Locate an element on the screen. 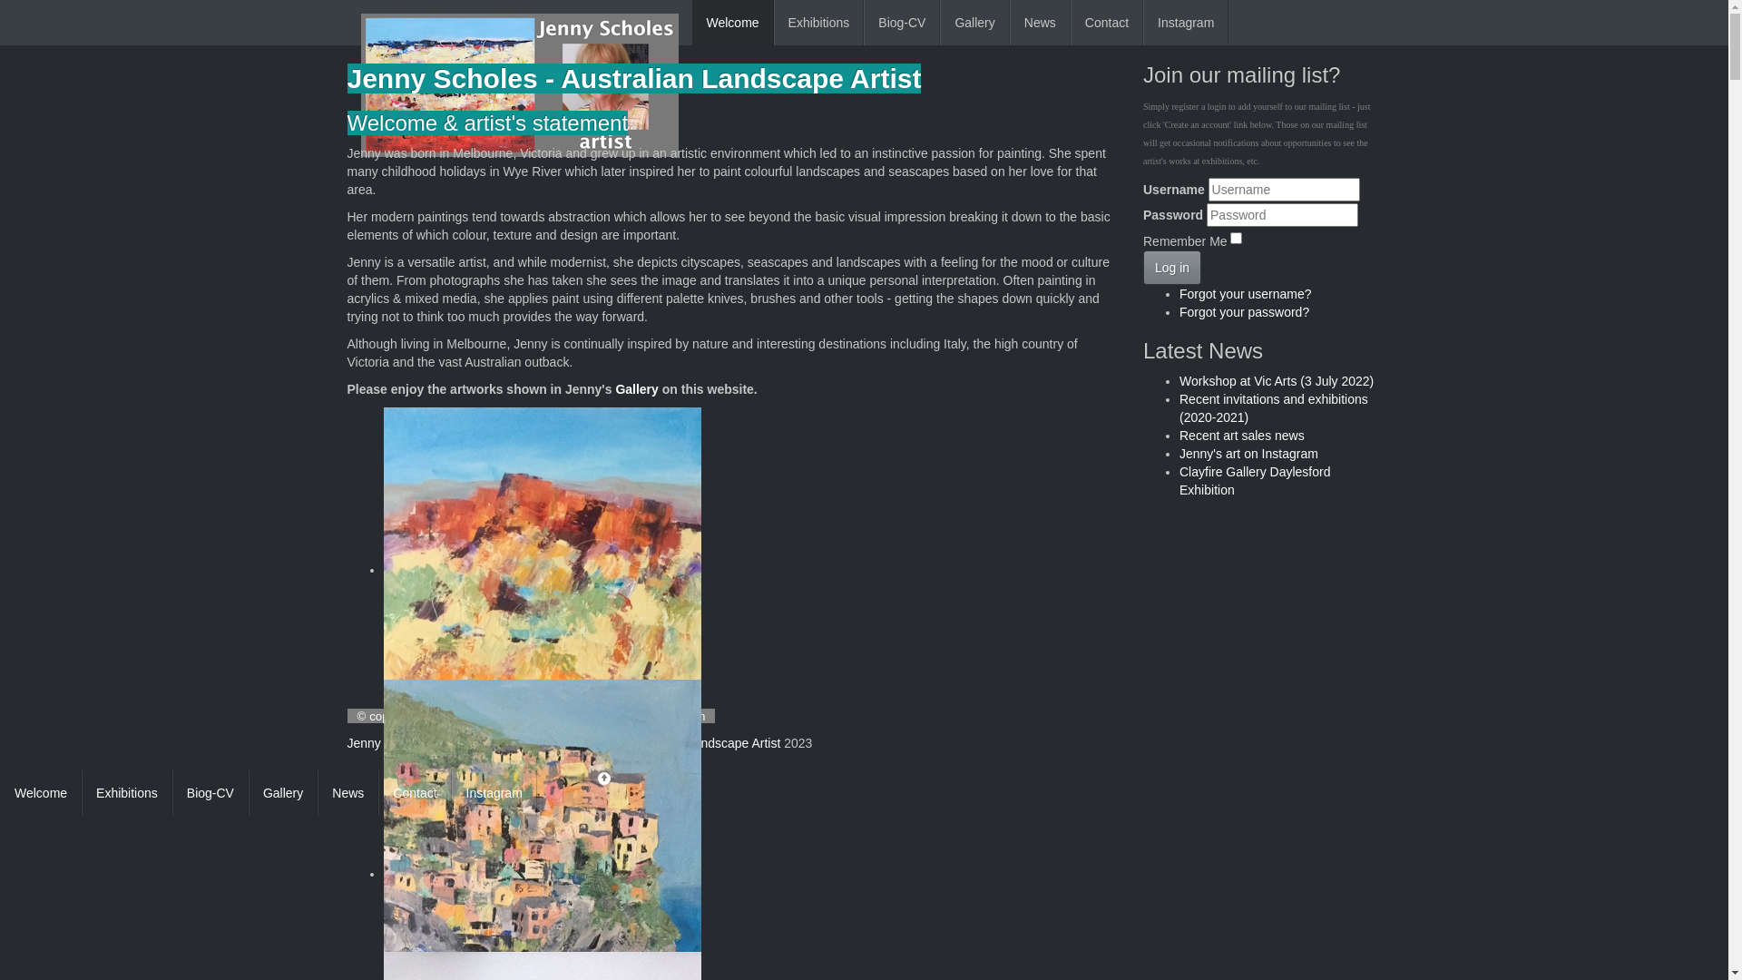 This screenshot has height=980, width=1742. 'Recent art sales news' is located at coordinates (1240, 435).